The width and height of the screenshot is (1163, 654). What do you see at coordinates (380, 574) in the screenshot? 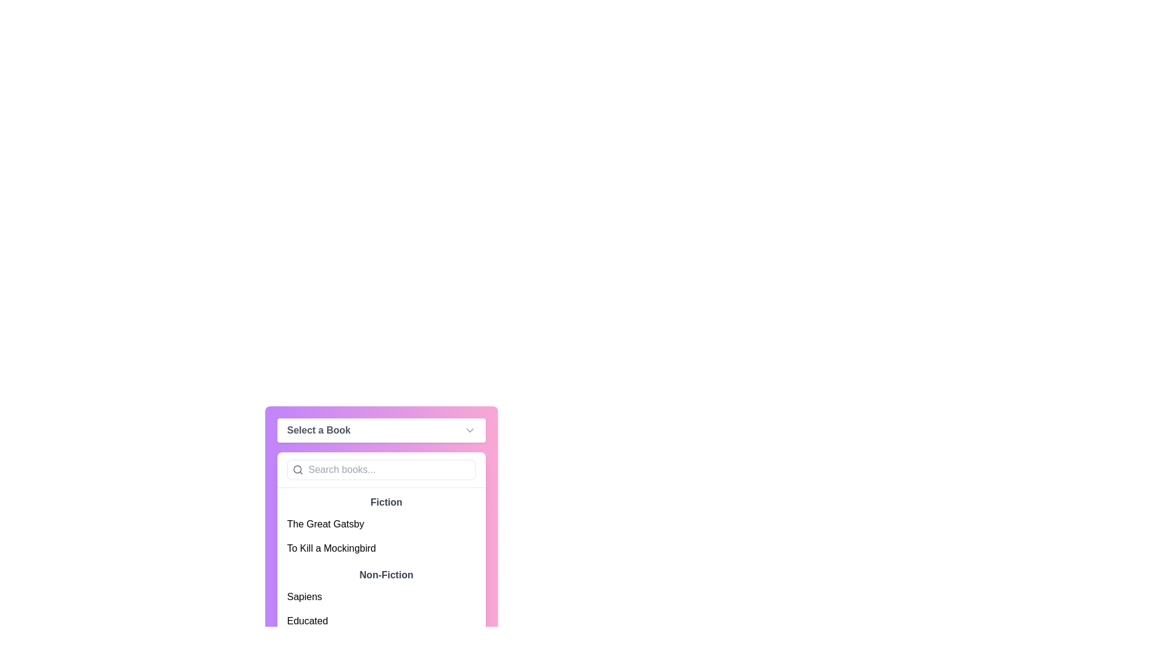
I see `the category label in the dropdown list that groups related book entries, positioned directly below the main category header and above the items 'Sapiens' and 'Educated'` at bounding box center [380, 574].